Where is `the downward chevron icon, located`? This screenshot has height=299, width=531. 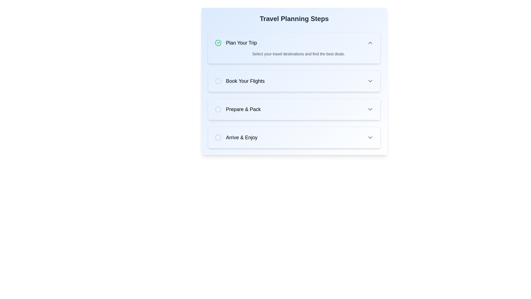 the downward chevron icon, located is located at coordinates (370, 81).